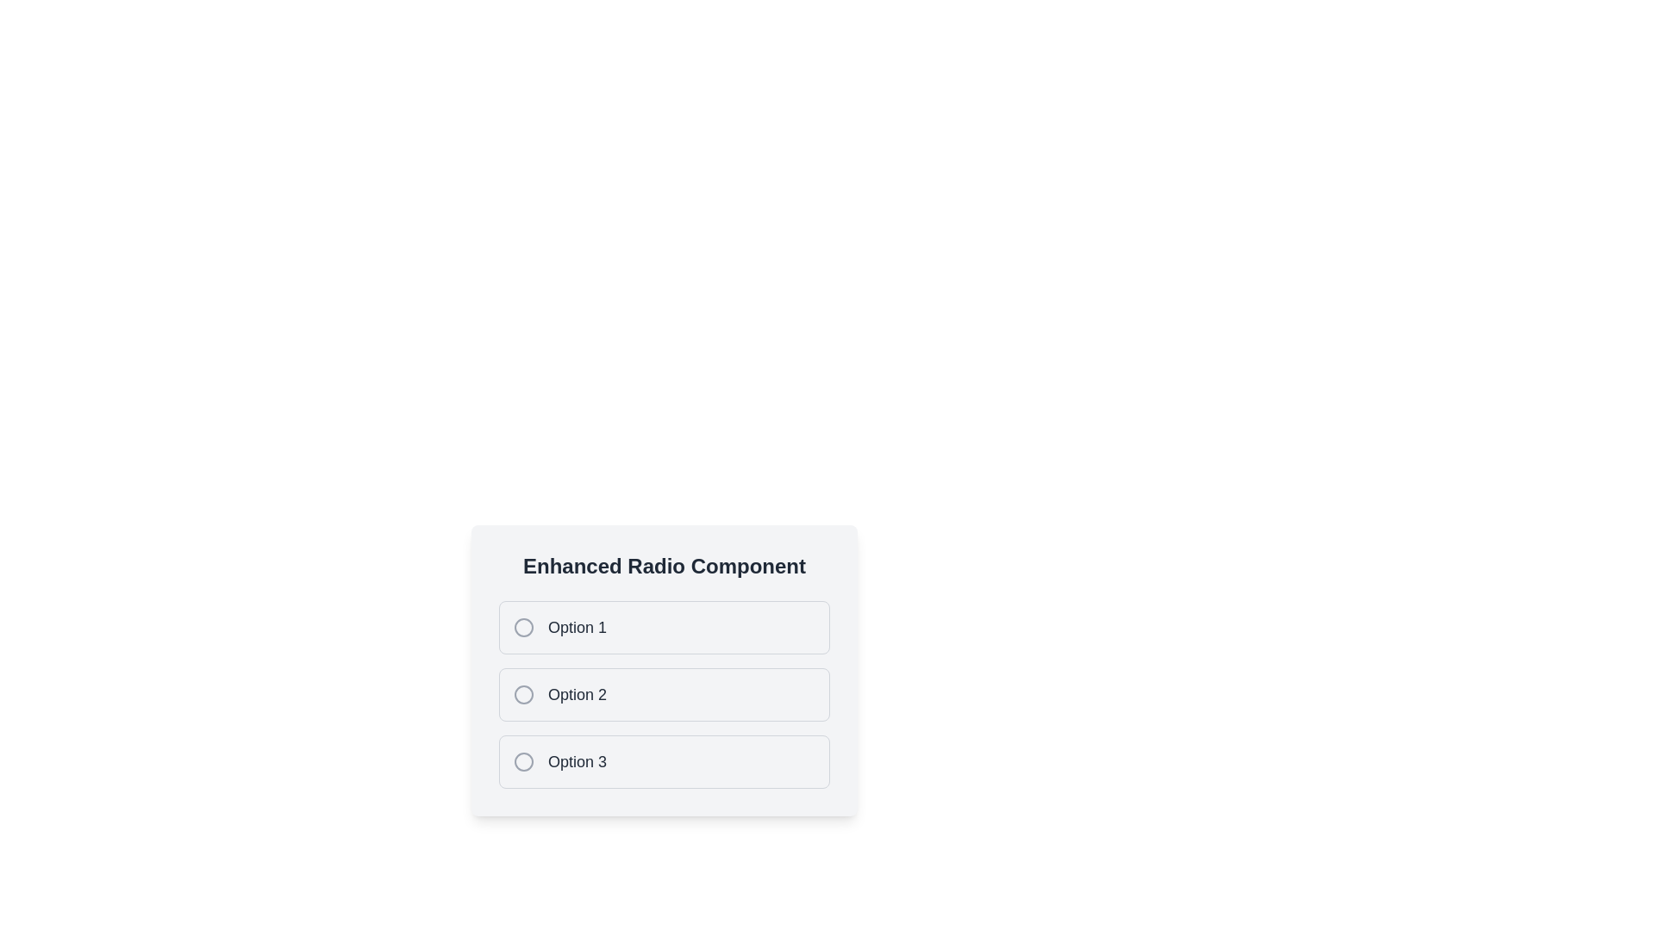 The height and width of the screenshot is (930, 1655). Describe the element at coordinates (523, 760) in the screenshot. I see `the inner circle of the Radio button selection indicator for 'Option 3'` at that location.